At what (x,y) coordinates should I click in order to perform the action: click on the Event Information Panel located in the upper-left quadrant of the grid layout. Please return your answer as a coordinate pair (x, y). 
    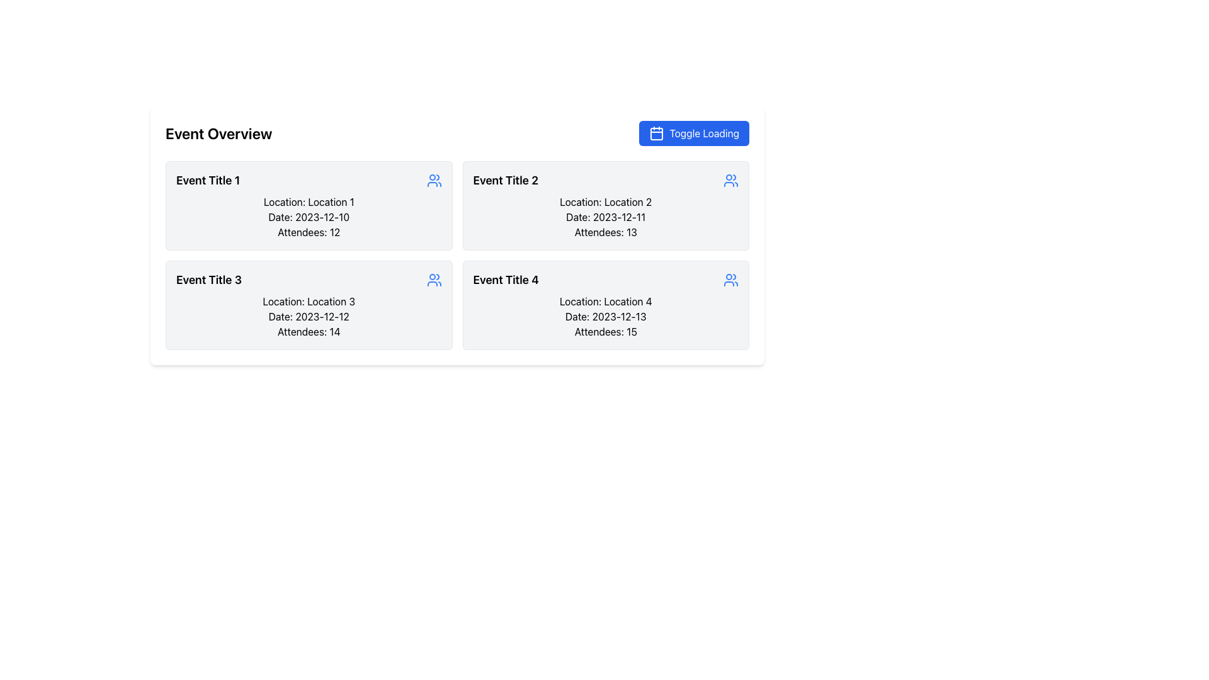
    Looking at the image, I should click on (309, 205).